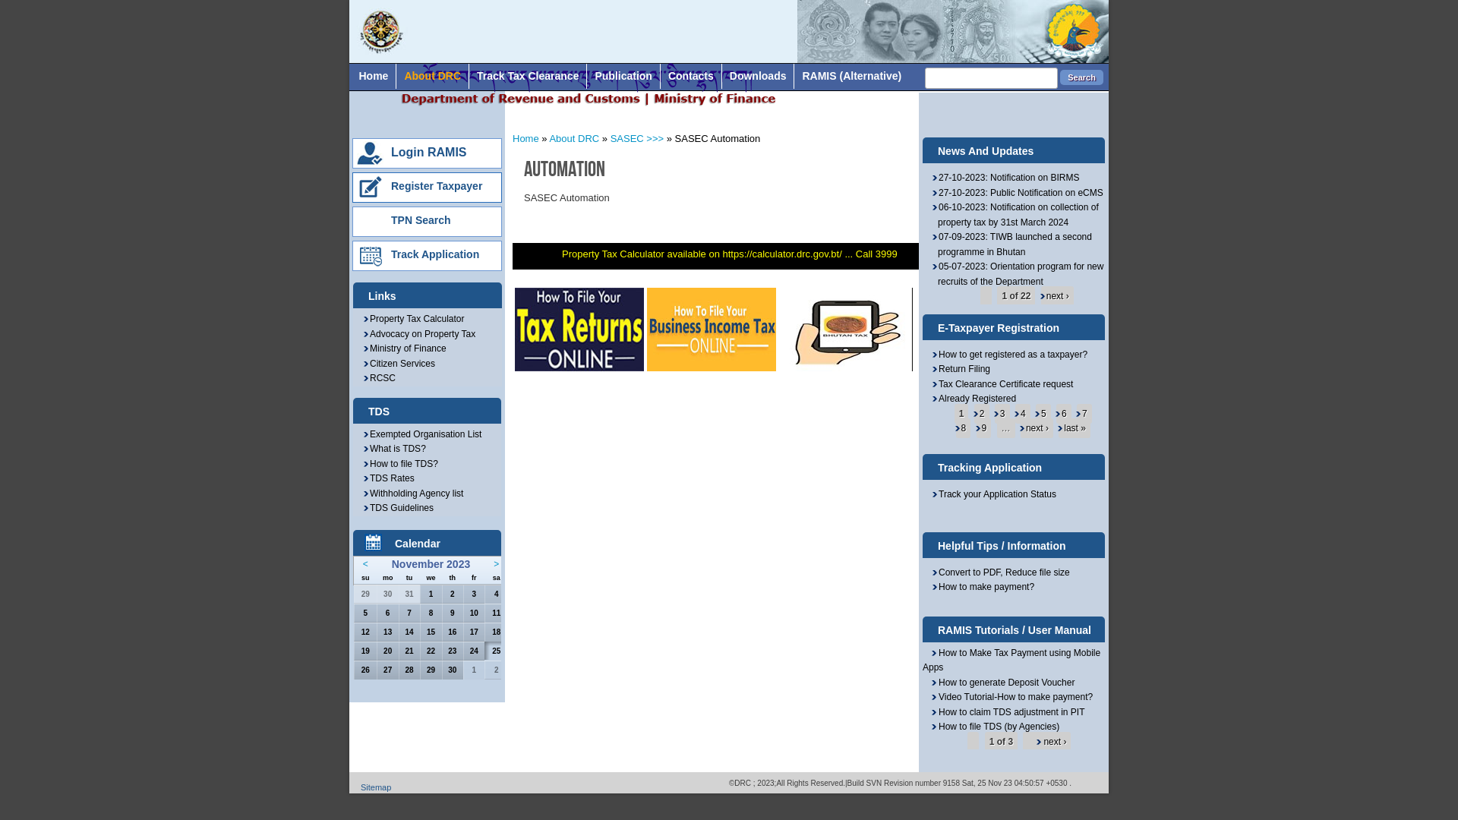 The width and height of the screenshot is (1458, 820). What do you see at coordinates (469, 76) in the screenshot?
I see `'Track Tax Clearance'` at bounding box center [469, 76].